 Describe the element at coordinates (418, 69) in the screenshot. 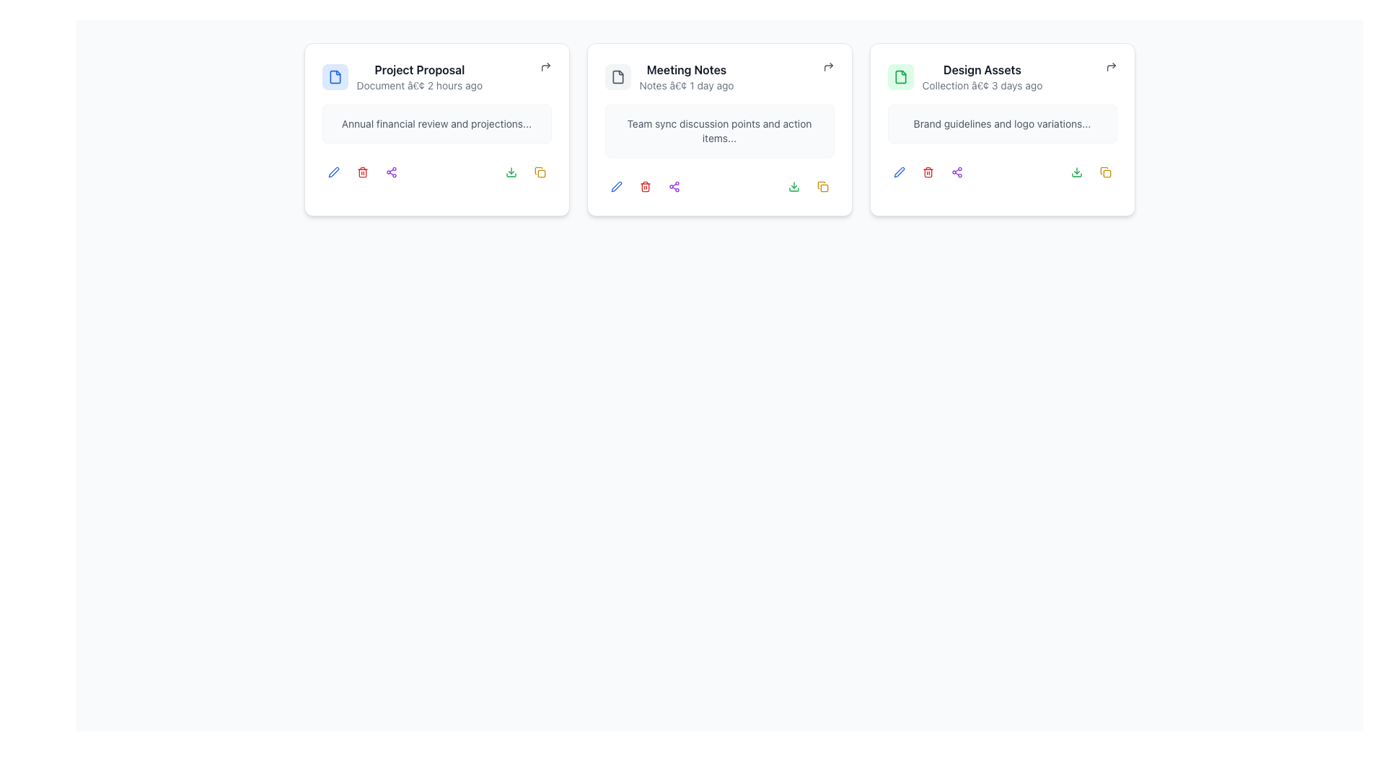

I see `text label displaying 'Project Proposal' in bold, dark gray font, located in the top left card of three cards on the interface` at that location.